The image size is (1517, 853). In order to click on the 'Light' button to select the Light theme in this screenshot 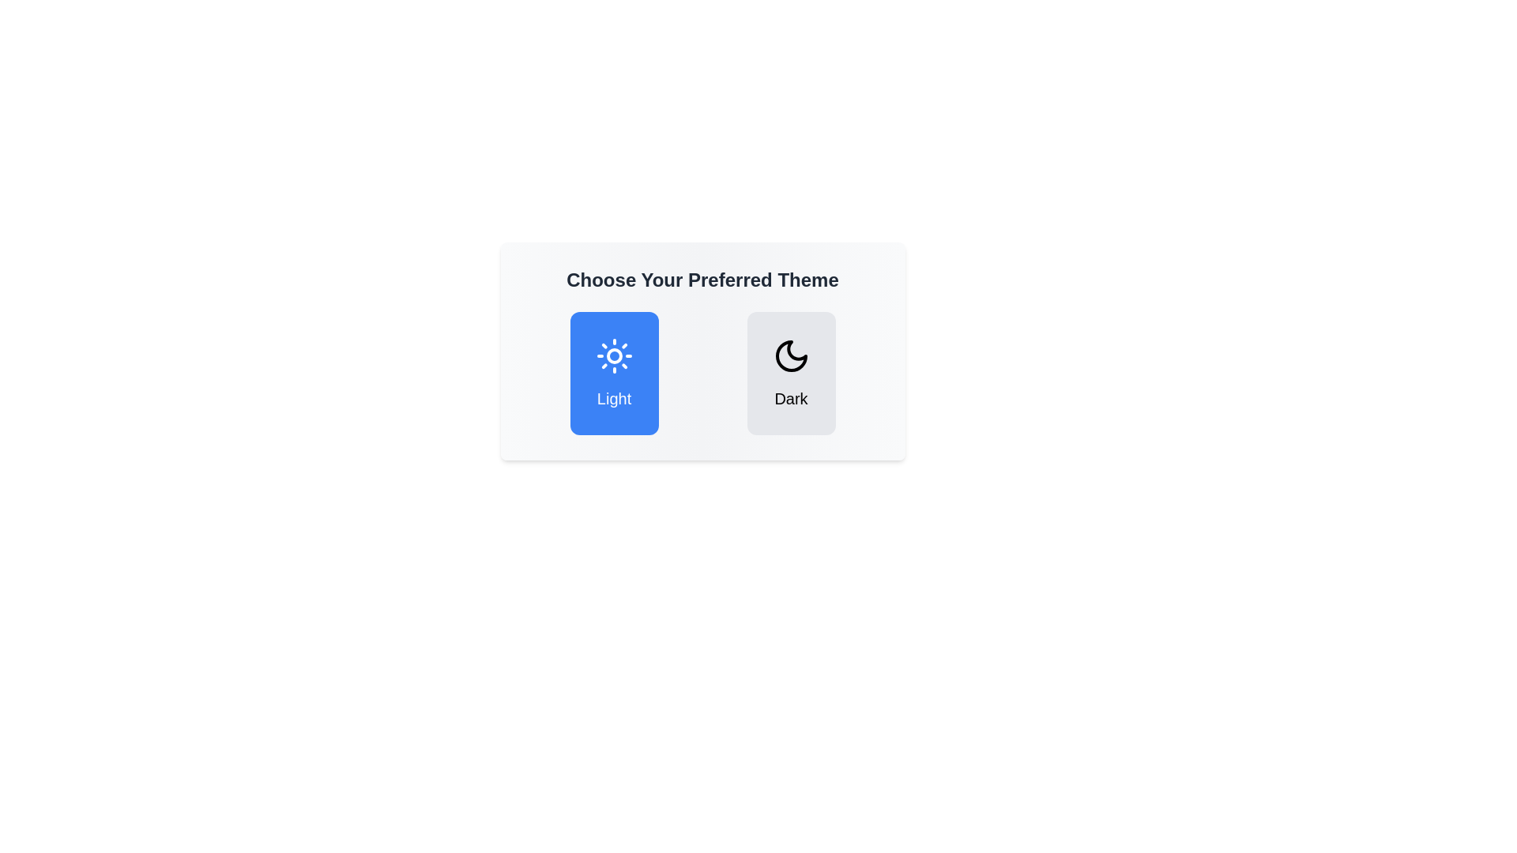, I will do `click(613, 374)`.